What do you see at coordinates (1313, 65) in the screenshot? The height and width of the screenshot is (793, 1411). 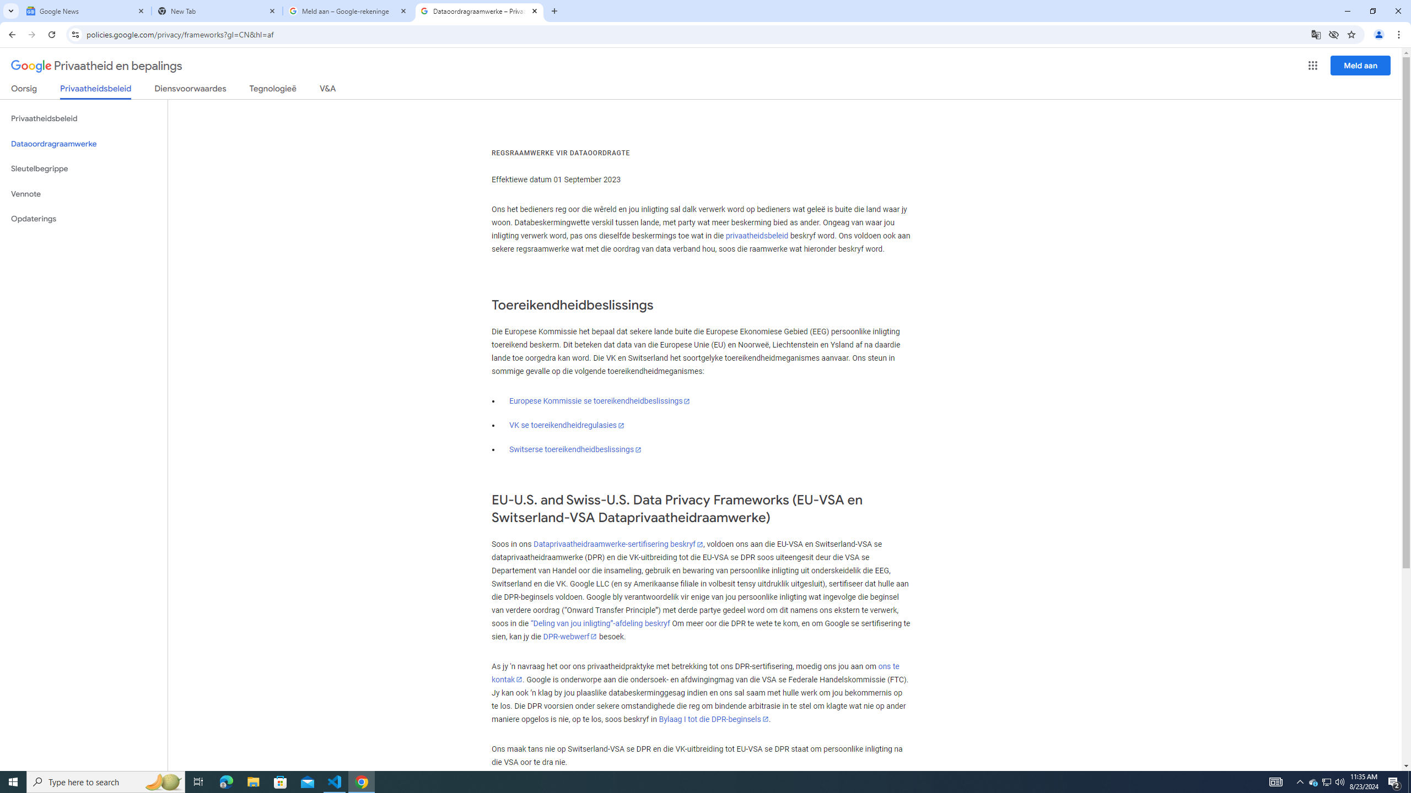 I see `'Google-programme'` at bounding box center [1313, 65].